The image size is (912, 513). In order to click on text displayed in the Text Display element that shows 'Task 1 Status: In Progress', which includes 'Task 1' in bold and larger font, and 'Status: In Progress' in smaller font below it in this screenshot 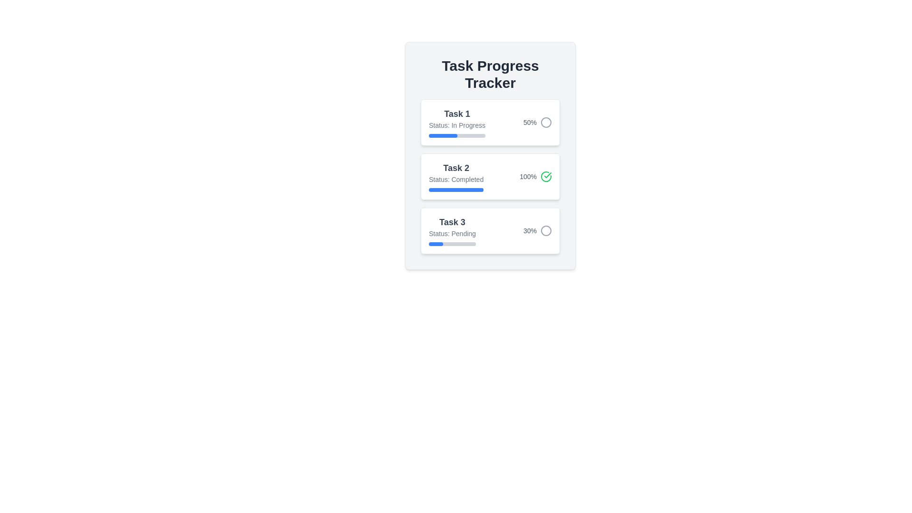, I will do `click(457, 122)`.